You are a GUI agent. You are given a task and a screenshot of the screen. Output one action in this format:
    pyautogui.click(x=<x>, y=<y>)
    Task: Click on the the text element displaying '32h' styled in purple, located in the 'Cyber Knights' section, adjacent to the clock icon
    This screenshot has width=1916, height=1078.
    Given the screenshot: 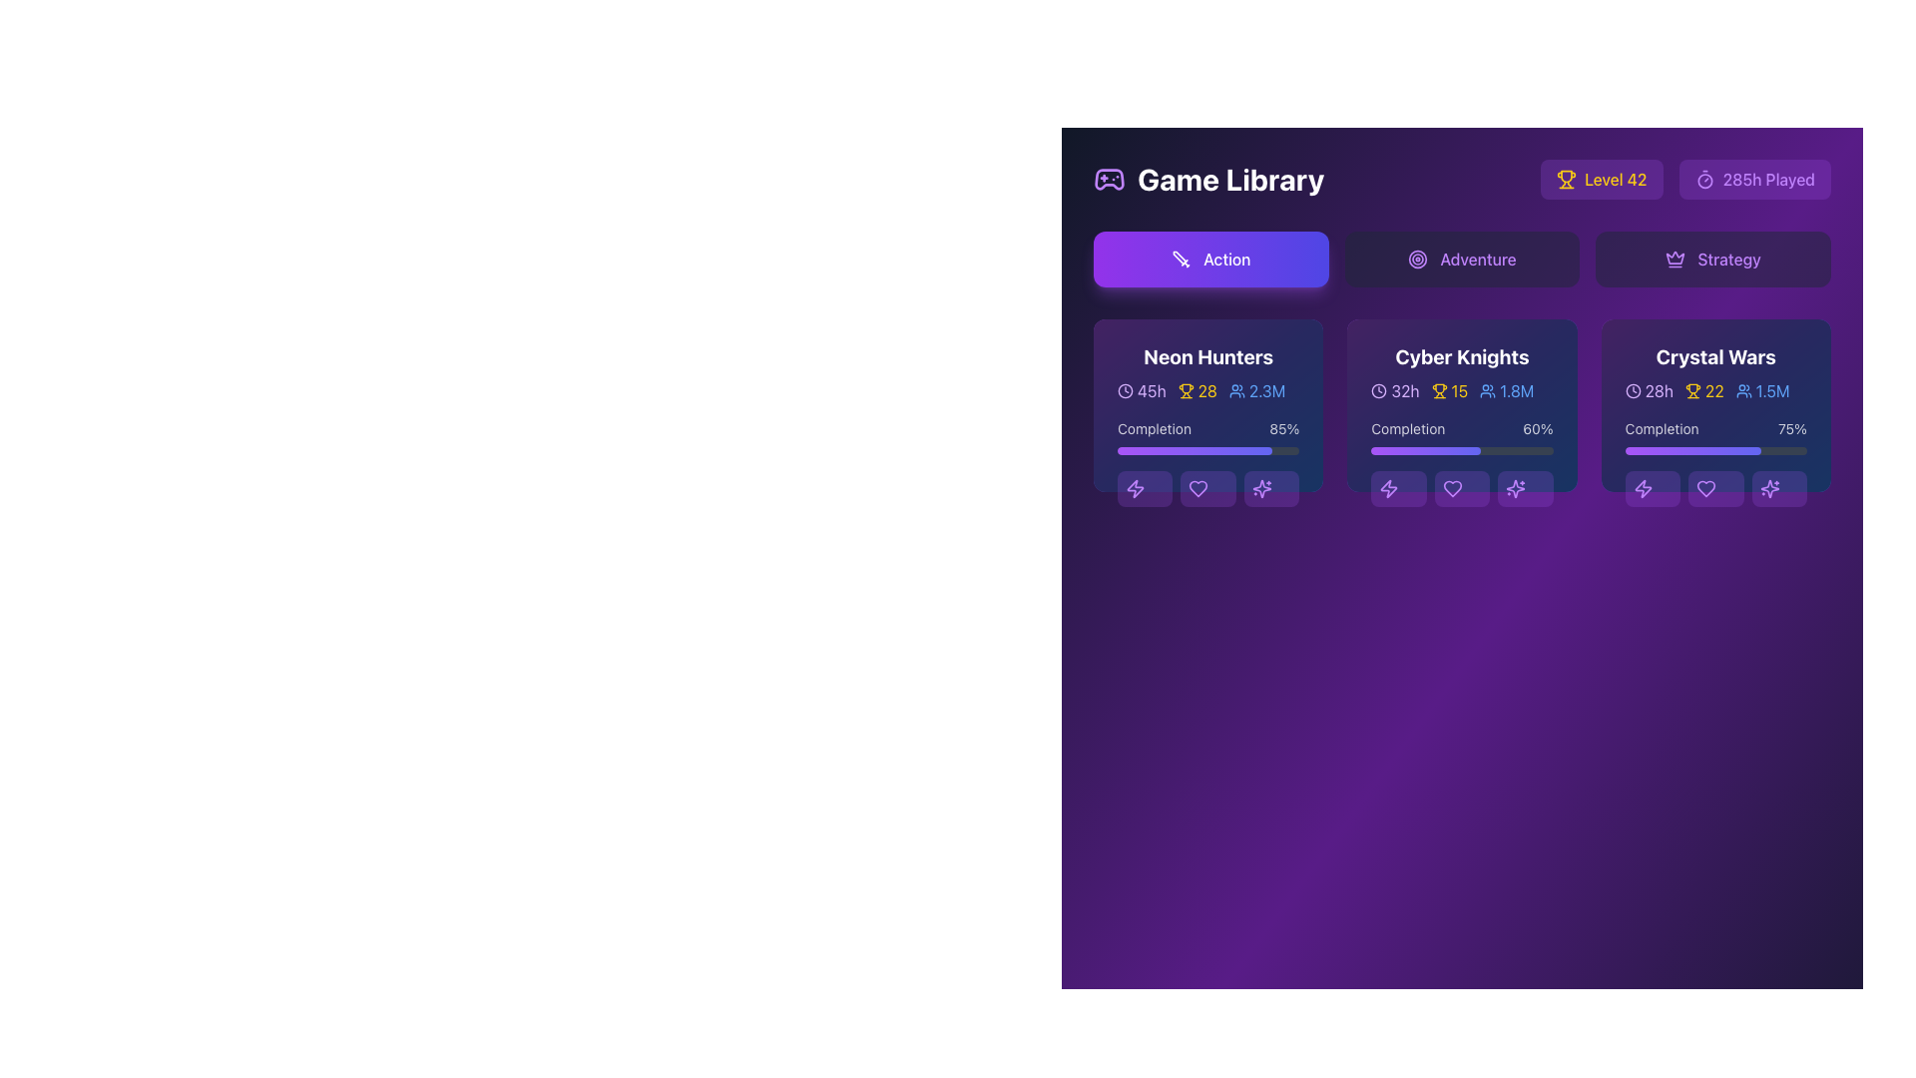 What is the action you would take?
    pyautogui.click(x=1394, y=391)
    